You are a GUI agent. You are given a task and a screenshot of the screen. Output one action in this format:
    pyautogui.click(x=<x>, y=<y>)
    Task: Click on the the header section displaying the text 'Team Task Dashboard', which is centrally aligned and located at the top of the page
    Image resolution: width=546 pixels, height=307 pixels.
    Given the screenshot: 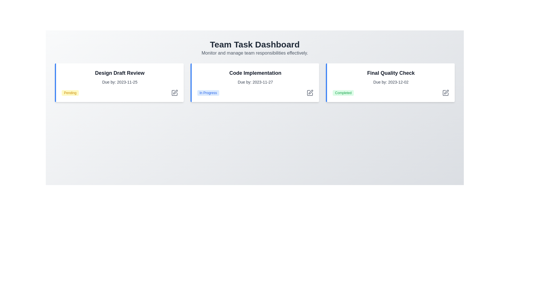 What is the action you would take?
    pyautogui.click(x=255, y=48)
    